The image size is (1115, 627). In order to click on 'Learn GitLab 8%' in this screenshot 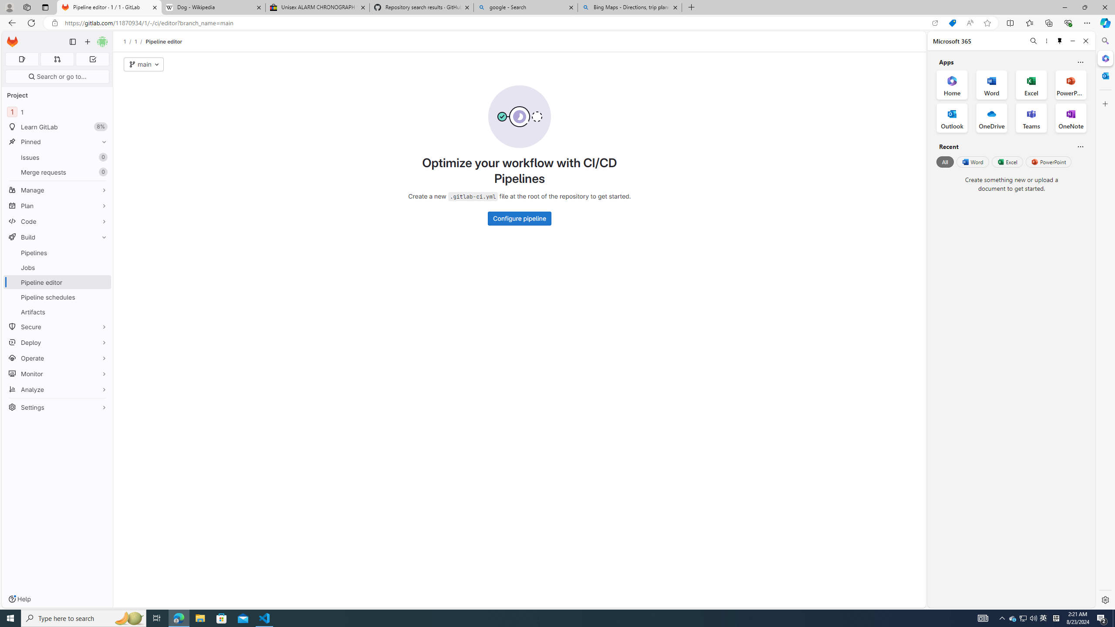, I will do `click(57, 127)`.